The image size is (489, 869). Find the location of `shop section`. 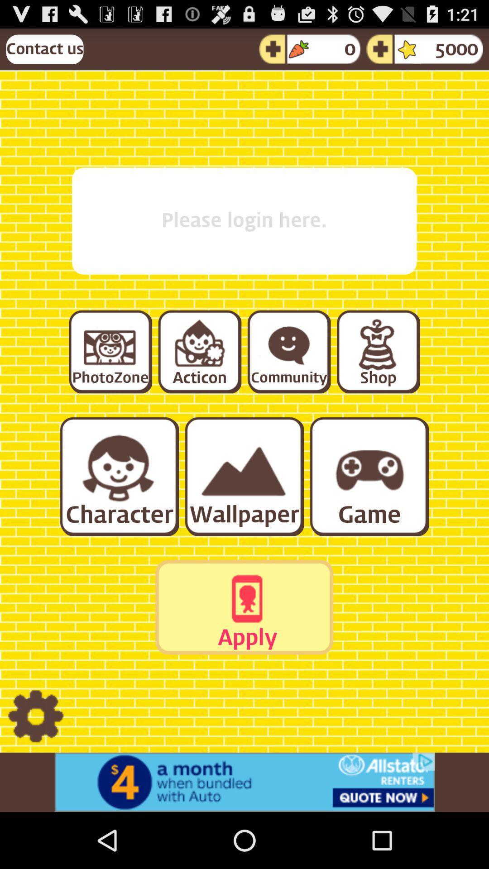

shop section is located at coordinates (378, 351).